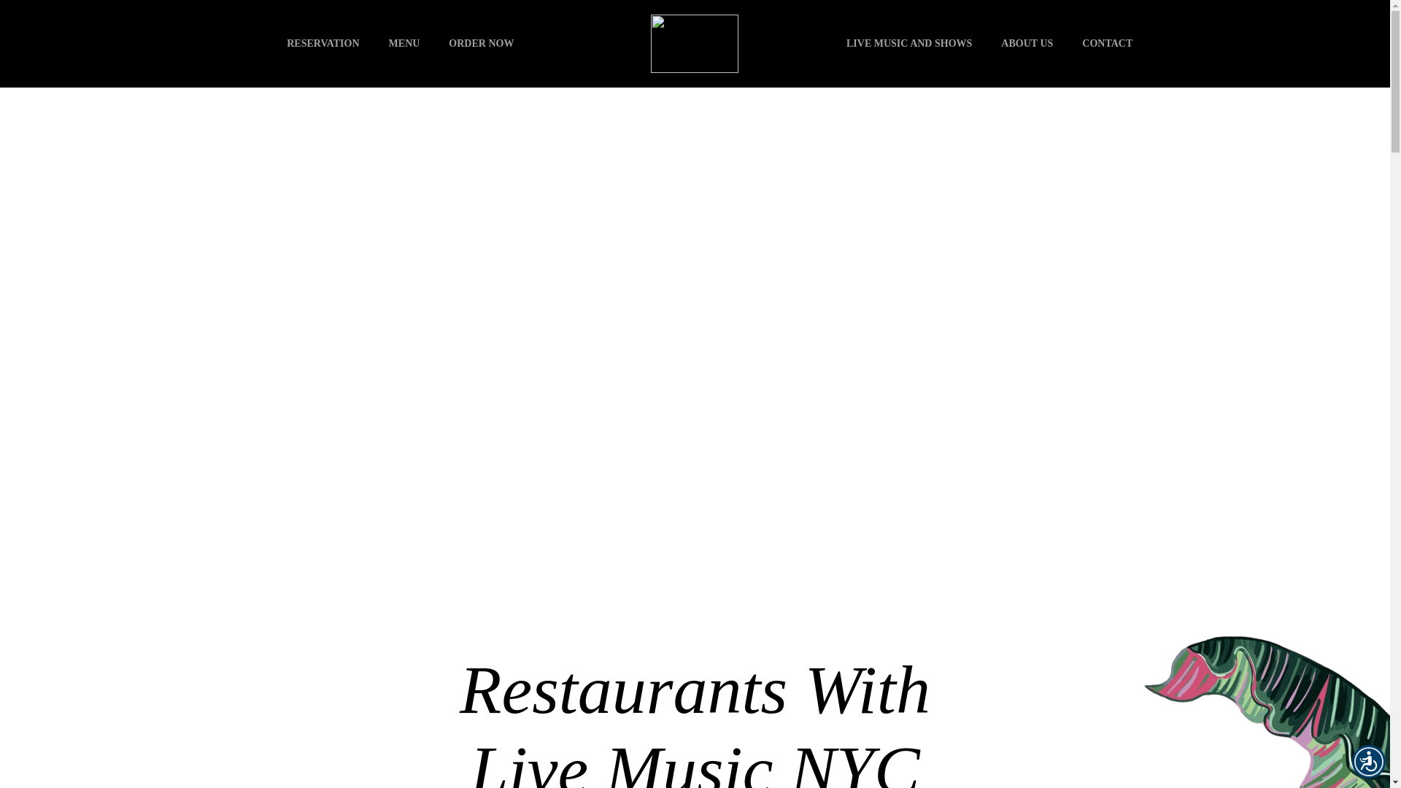  I want to click on 'MENU', so click(404, 43).